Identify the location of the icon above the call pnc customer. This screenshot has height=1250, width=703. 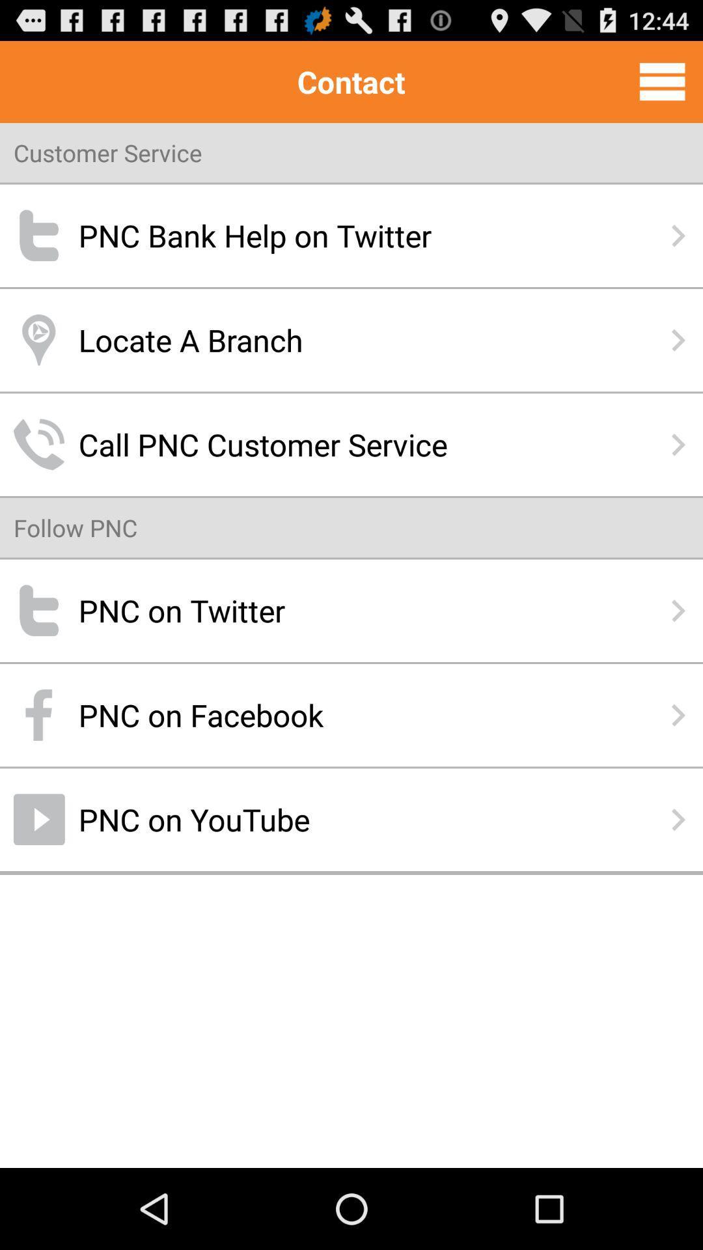
(351, 340).